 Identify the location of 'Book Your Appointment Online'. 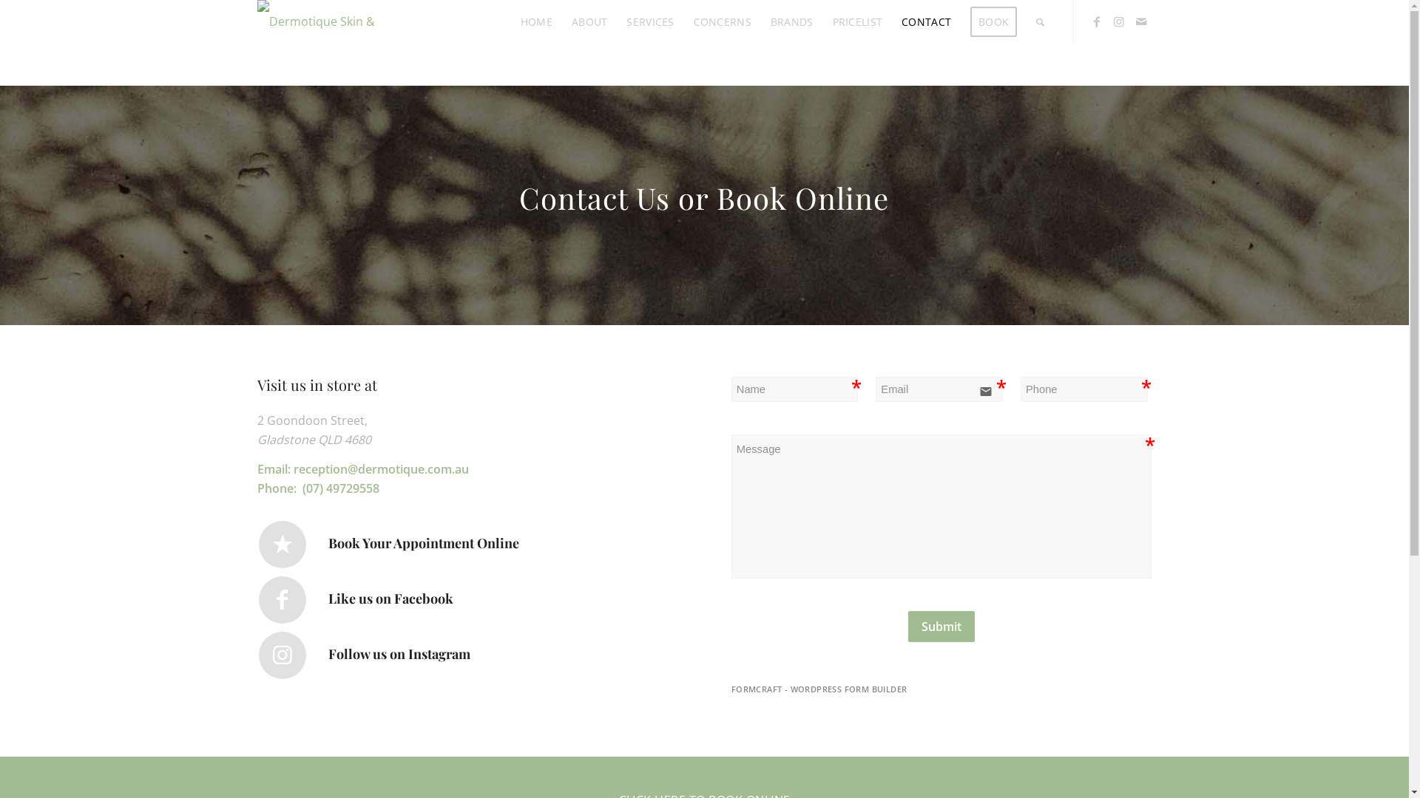
(283, 544).